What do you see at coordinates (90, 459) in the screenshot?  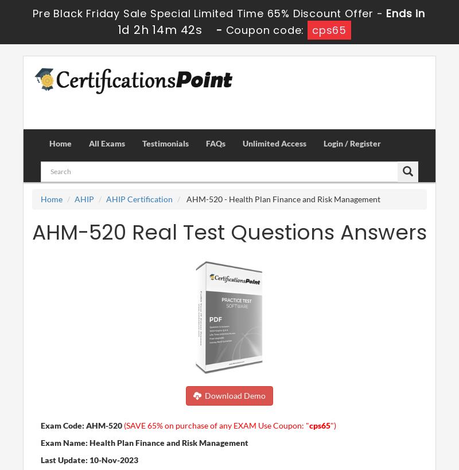 I see `'Last Update: 10-Nov-2023'` at bounding box center [90, 459].